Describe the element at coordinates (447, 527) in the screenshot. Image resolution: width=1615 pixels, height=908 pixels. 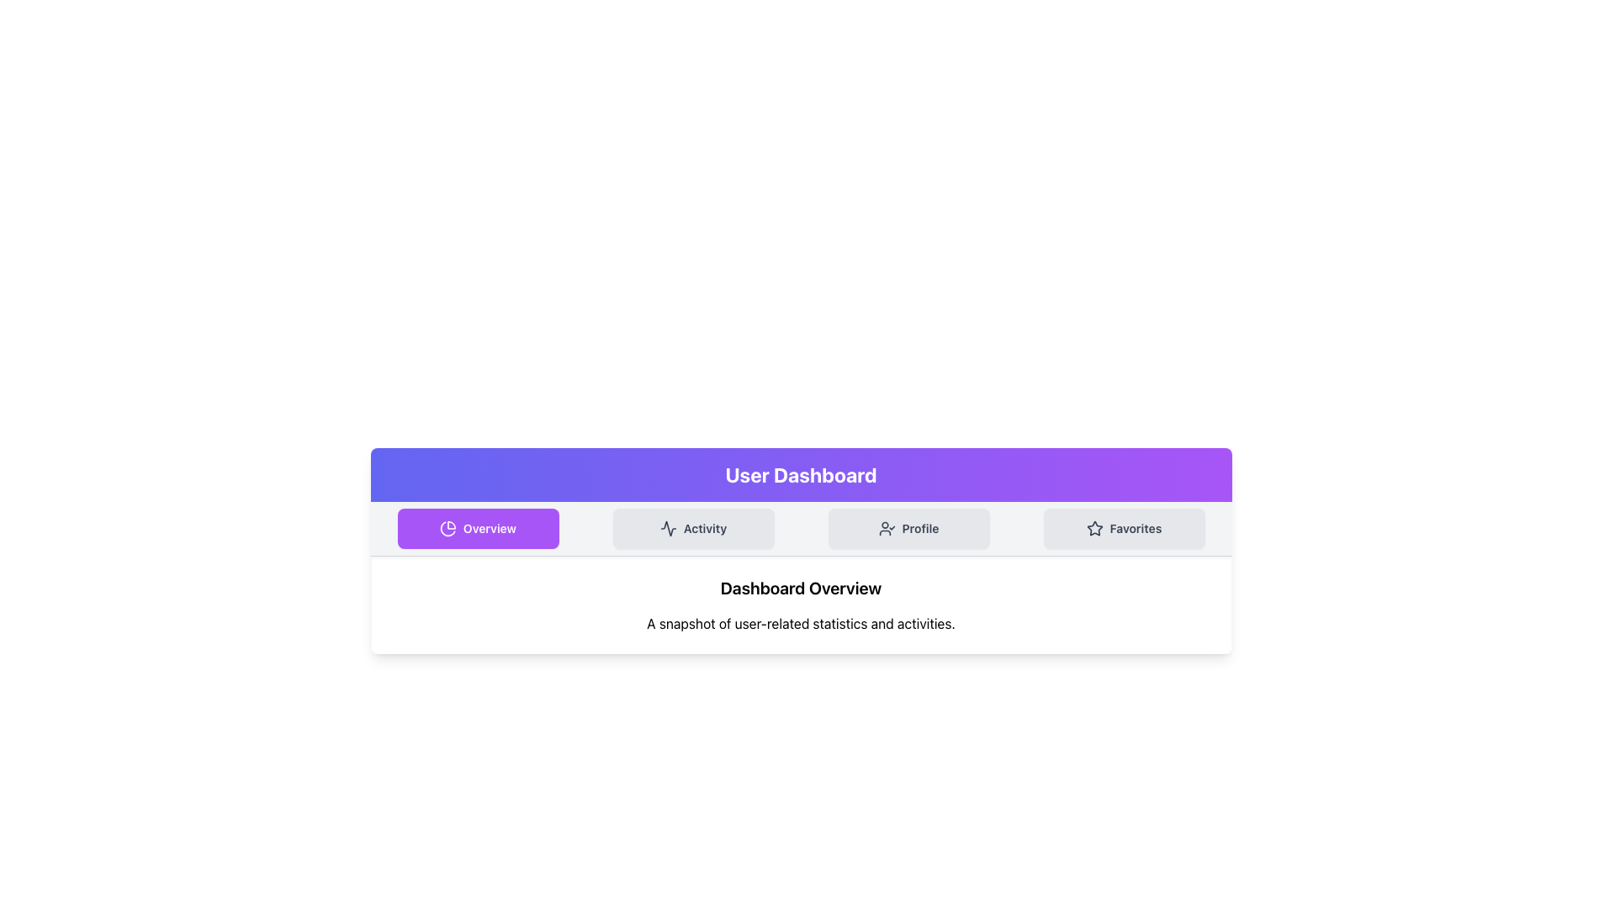
I see `the pie chart icon located inside the 'Overview' button, which visually reinforces the meaning of the button and is positioned to the left of its text content in the navigation row under the 'User Dashboard' header` at that location.